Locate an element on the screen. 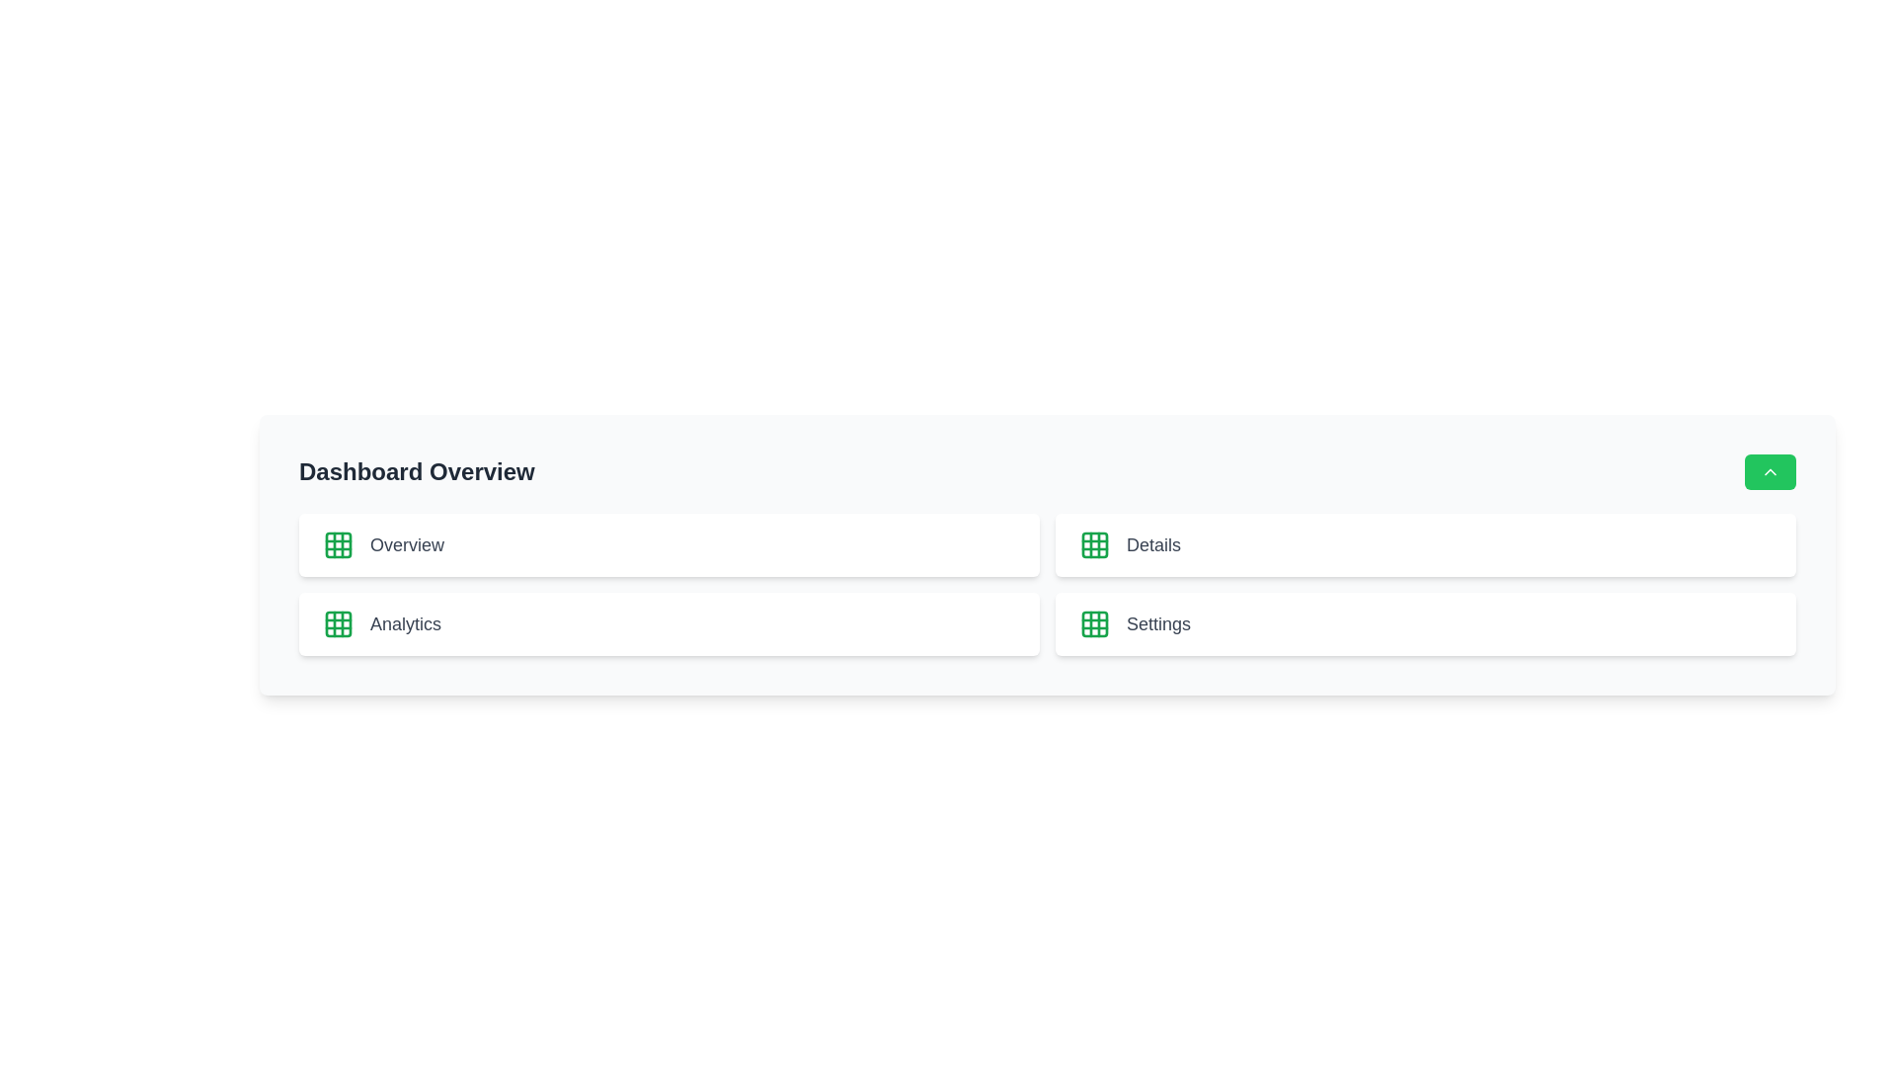 This screenshot has width=1896, height=1067. the green 3x3 grid icon with rounded corners located in the settings card is located at coordinates (1093, 624).